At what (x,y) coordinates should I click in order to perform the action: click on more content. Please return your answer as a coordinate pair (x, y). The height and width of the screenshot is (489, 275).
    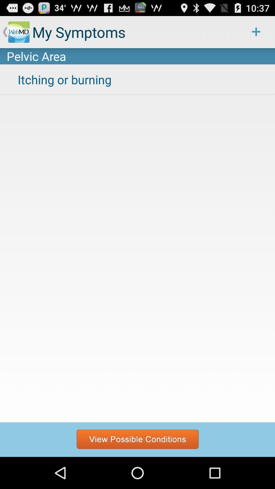
    Looking at the image, I should click on (137, 439).